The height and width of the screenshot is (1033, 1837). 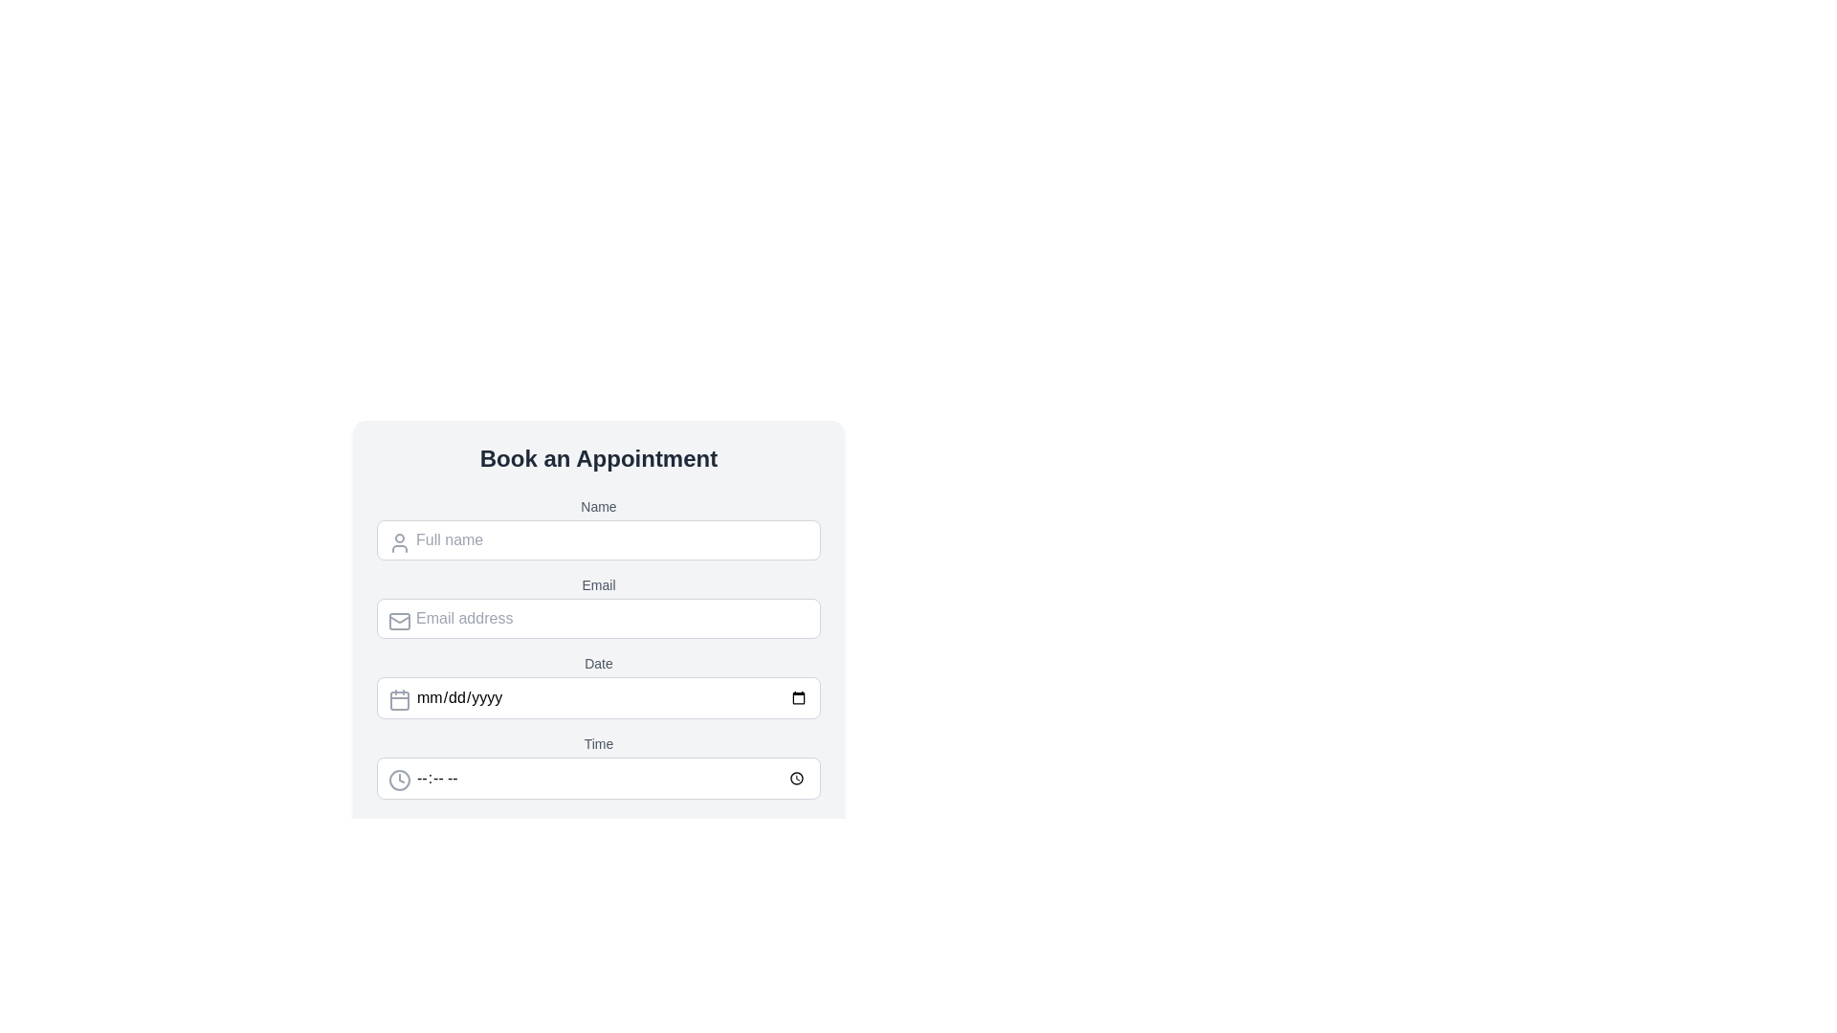 What do you see at coordinates (398, 700) in the screenshot?
I see `the rounded rectangle within the calendar icon located to the left of the 'Date' input field in the 'Book an Appointment' section` at bounding box center [398, 700].